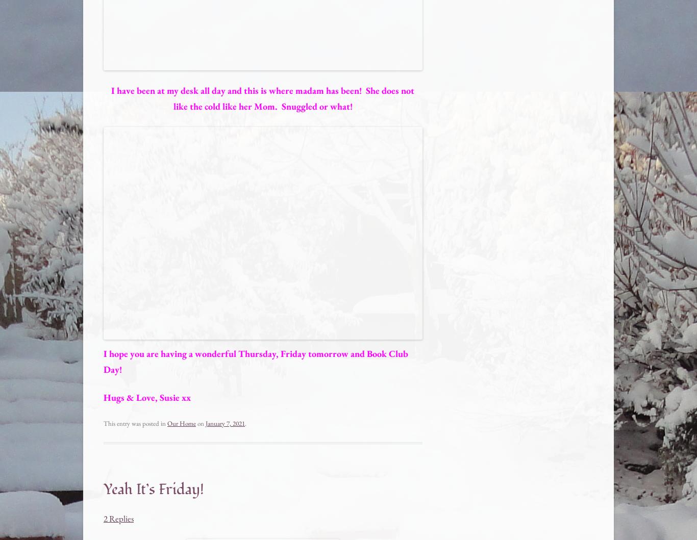  I want to click on '.', so click(245, 423).